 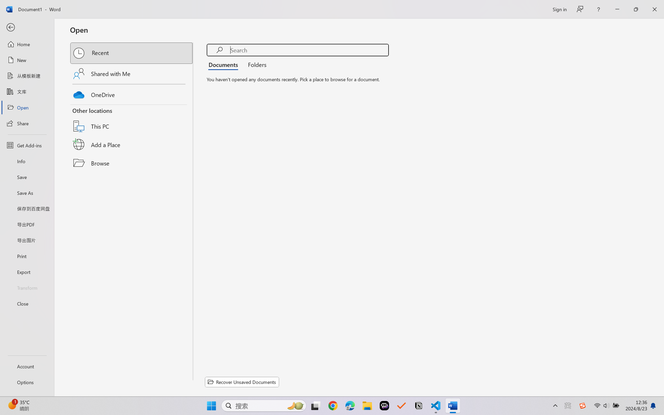 I want to click on 'Info', so click(x=27, y=161).